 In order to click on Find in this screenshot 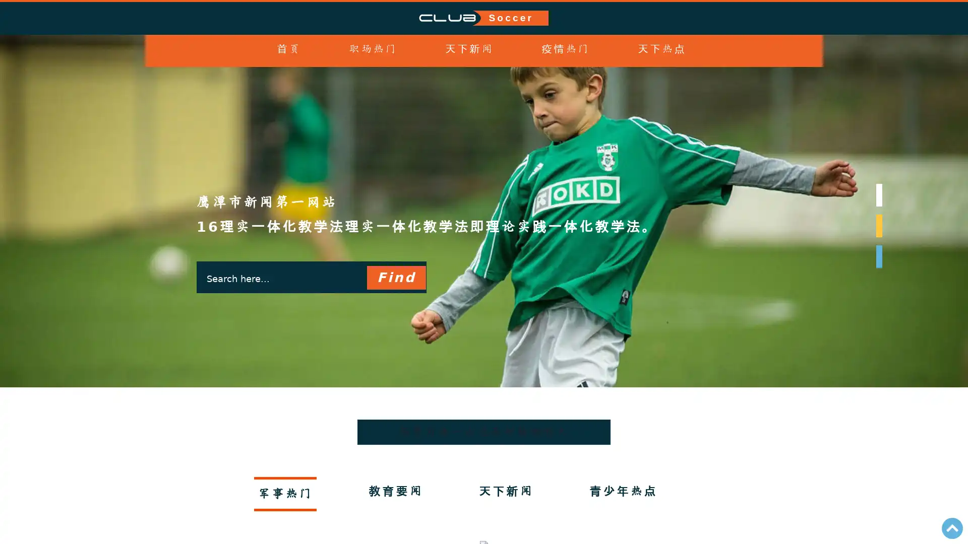, I will do `click(395, 296)`.